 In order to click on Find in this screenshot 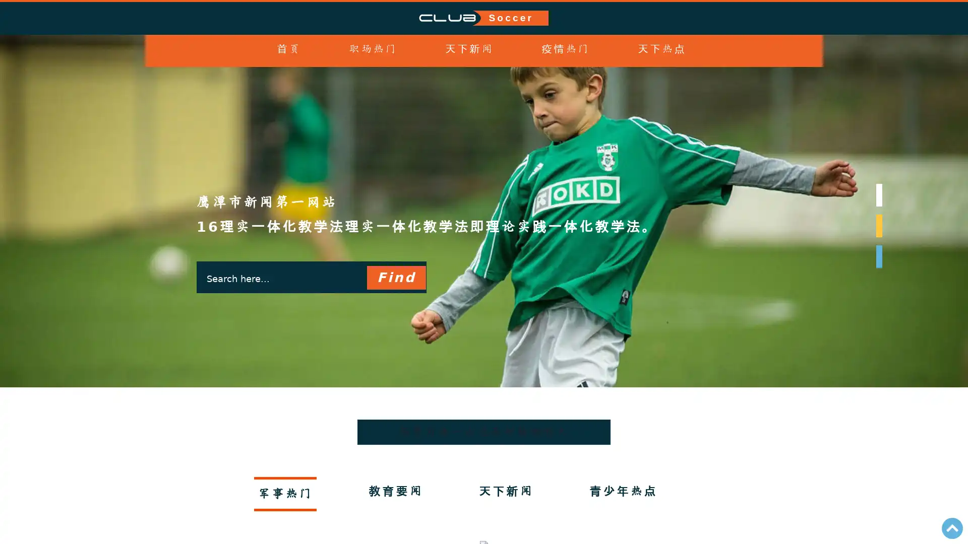, I will do `click(395, 296)`.